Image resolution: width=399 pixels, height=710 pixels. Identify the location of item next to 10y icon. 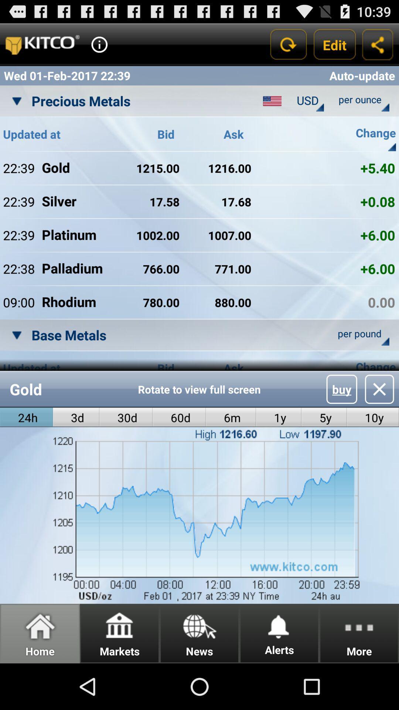
(324, 417).